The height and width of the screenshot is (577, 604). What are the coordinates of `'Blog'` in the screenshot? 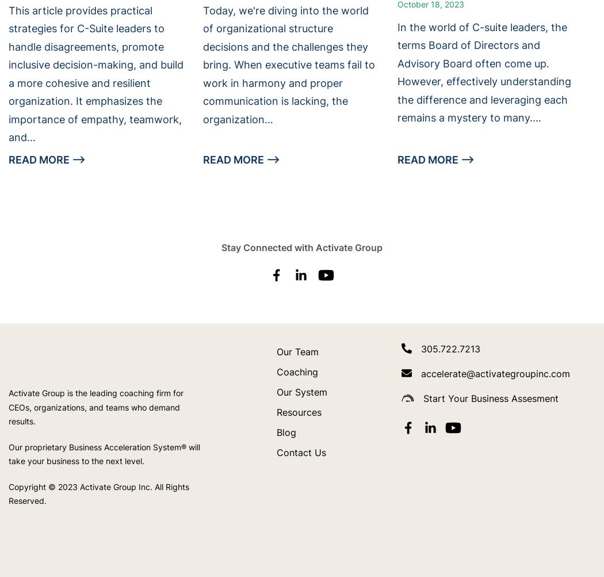 It's located at (286, 431).